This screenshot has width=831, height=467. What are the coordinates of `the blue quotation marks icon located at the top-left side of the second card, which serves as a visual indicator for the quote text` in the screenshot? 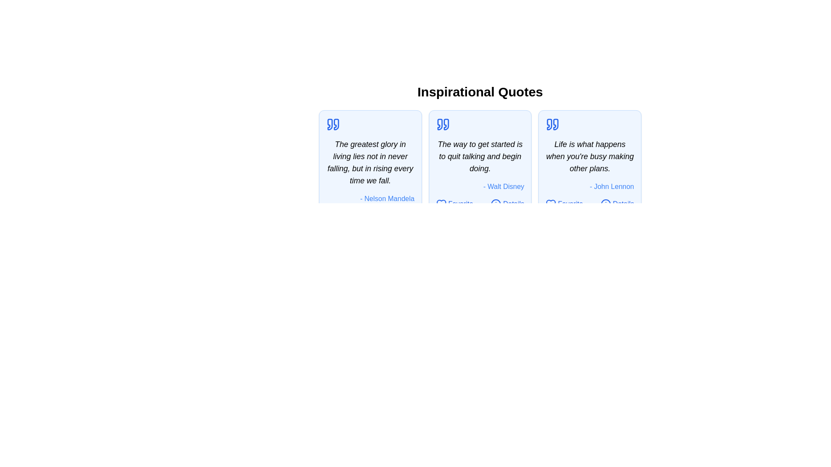 It's located at (443, 125).